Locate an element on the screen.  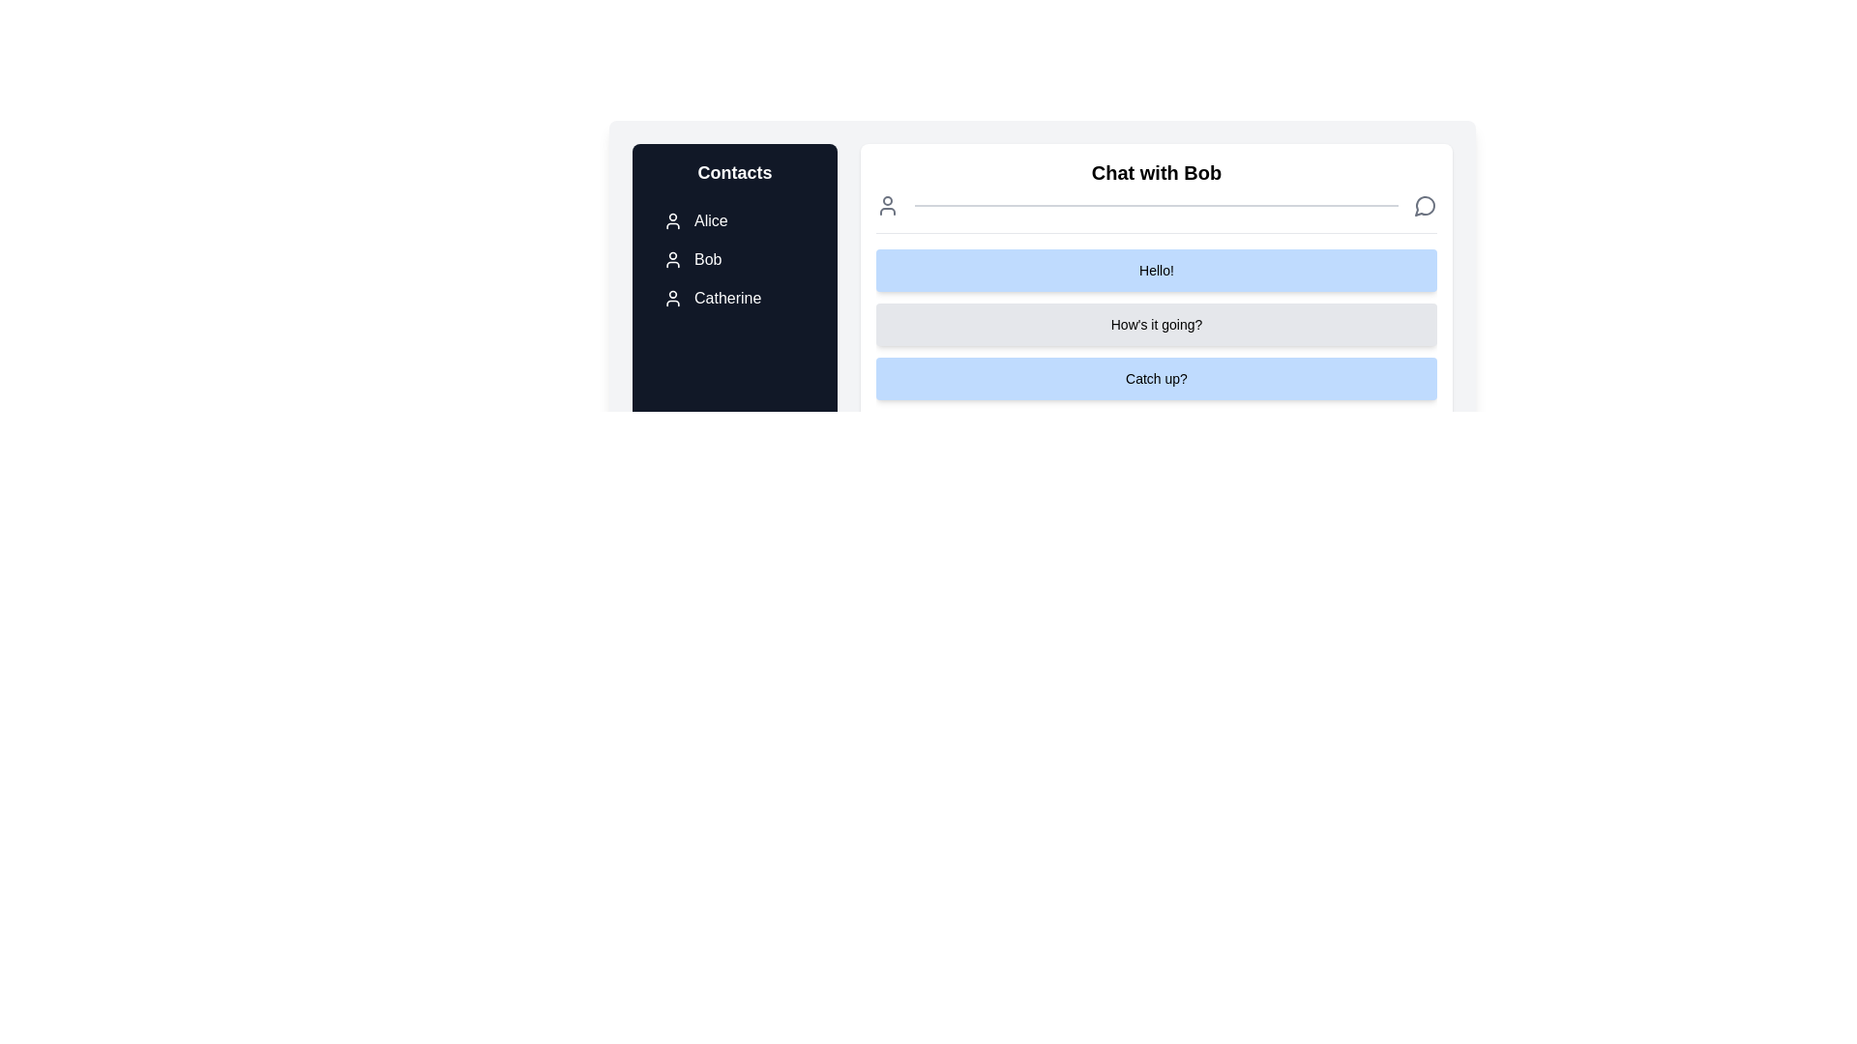
the Decorative UI component with icons that serves as a visual separator located directly below the text 'Chat with Bob' is located at coordinates (1156, 205).